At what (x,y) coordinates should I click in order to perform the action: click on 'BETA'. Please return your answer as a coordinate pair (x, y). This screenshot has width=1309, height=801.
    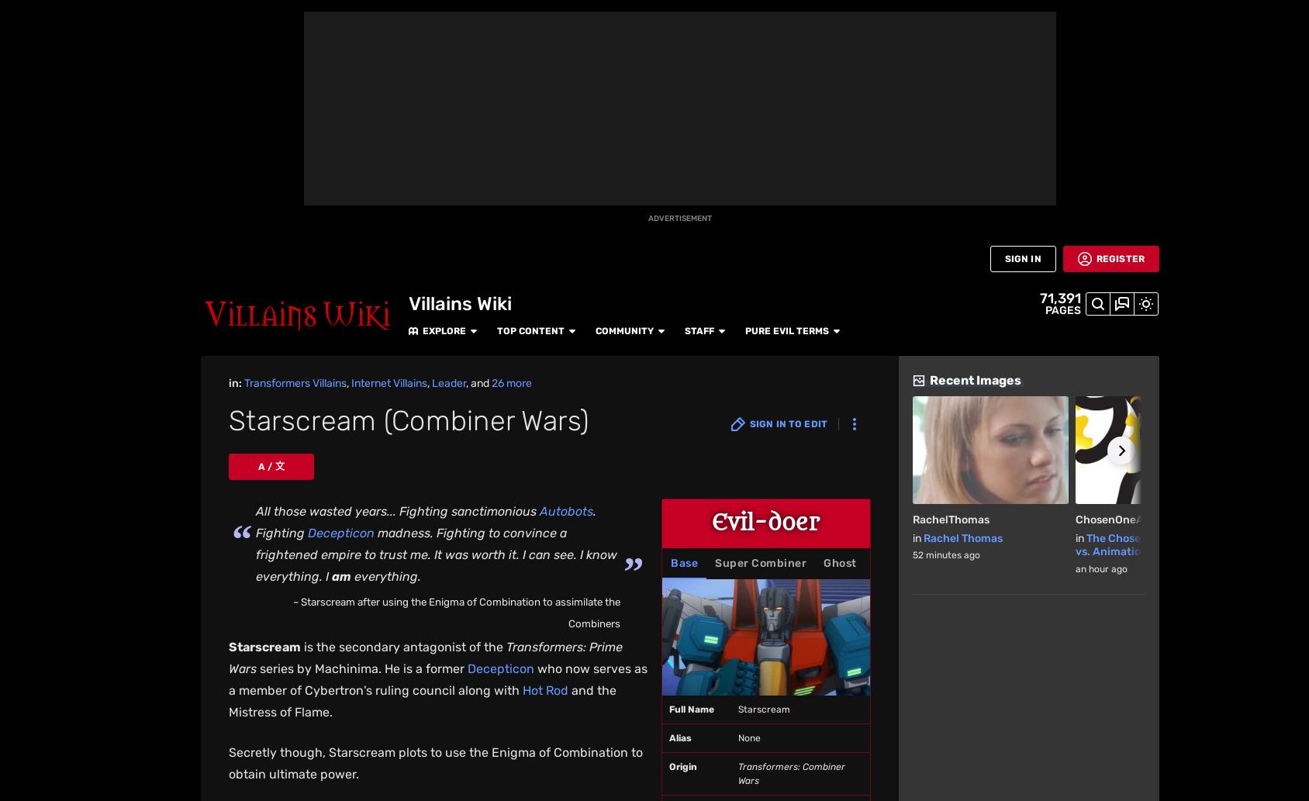
    Looking at the image, I should click on (16, 165).